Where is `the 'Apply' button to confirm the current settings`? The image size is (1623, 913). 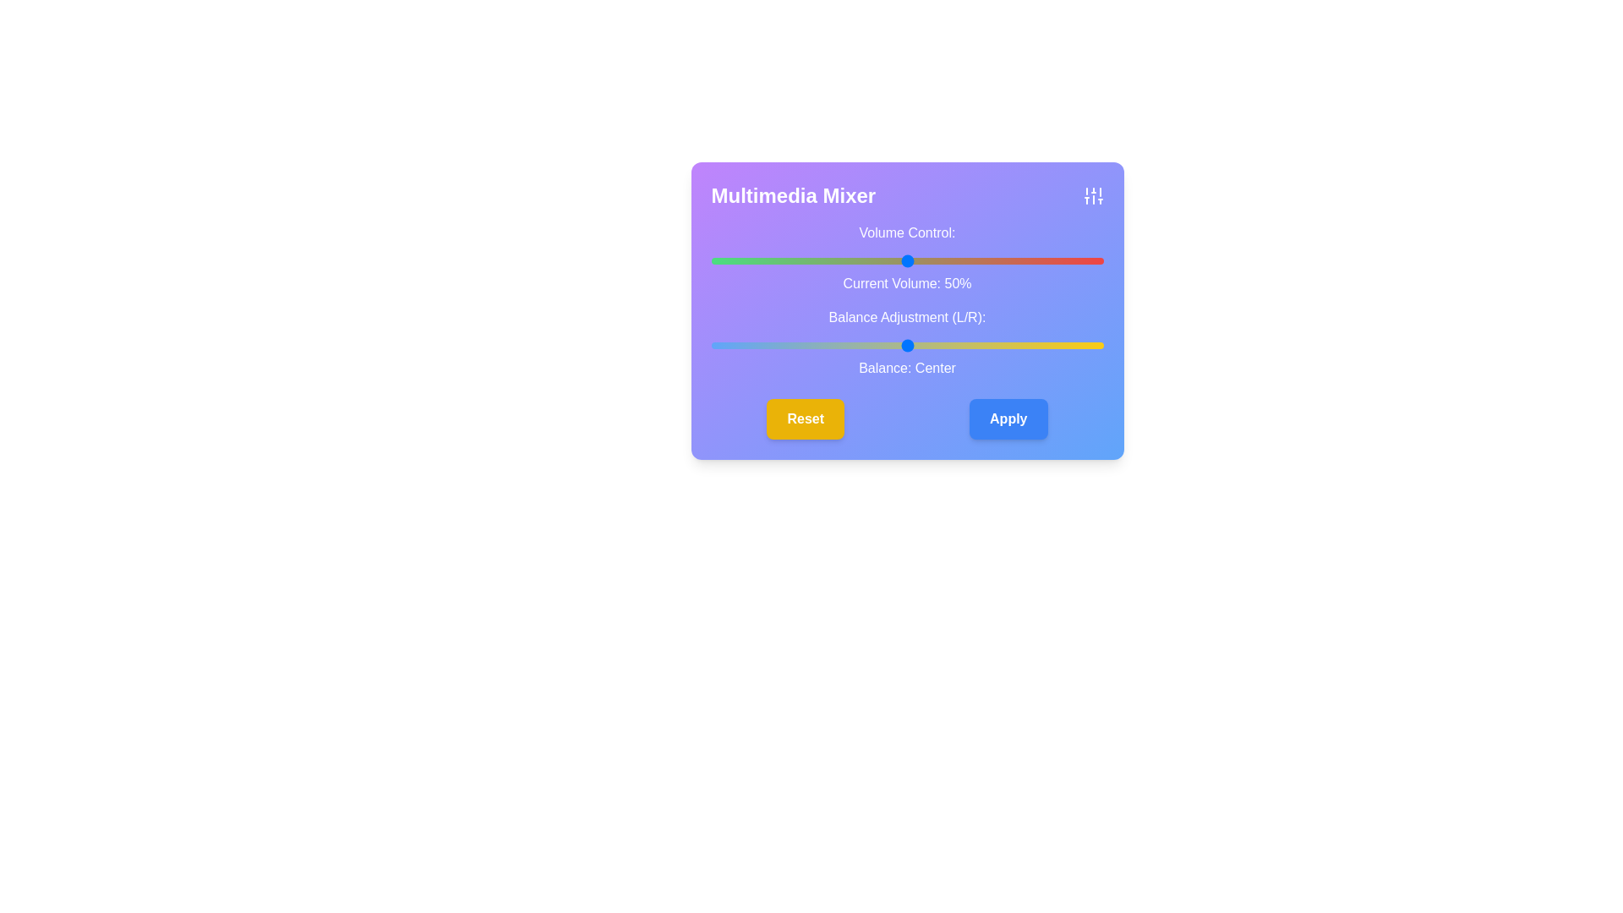 the 'Apply' button to confirm the current settings is located at coordinates (1008, 418).